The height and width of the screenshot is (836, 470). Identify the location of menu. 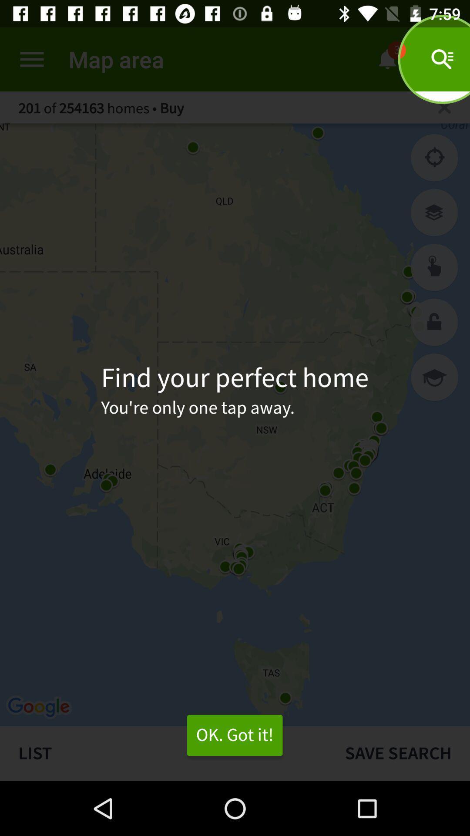
(31, 59).